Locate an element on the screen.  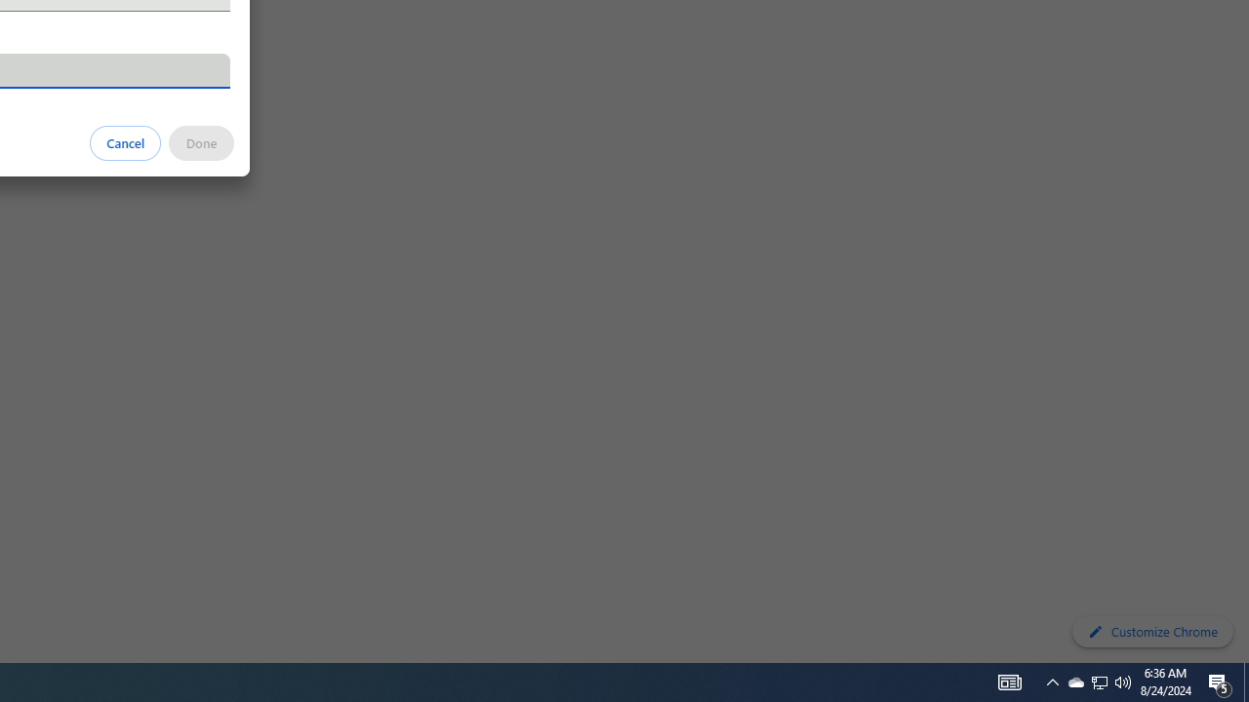
'Cancel' is located at coordinates (125, 141).